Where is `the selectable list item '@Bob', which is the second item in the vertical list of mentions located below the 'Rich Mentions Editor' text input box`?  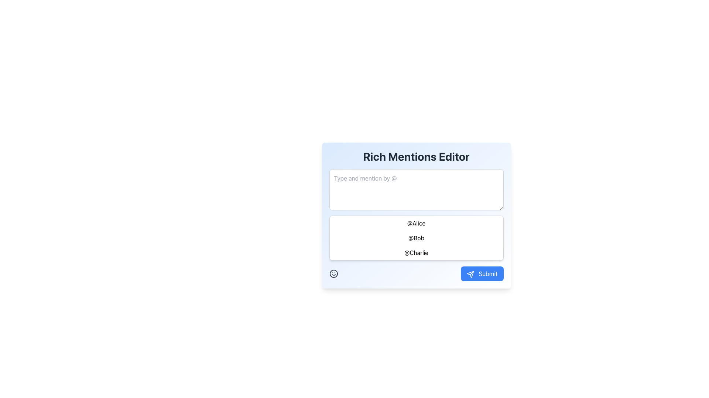
the selectable list item '@Bob', which is the second item in the vertical list of mentions located below the 'Rich Mentions Editor' text input box is located at coordinates (416, 238).